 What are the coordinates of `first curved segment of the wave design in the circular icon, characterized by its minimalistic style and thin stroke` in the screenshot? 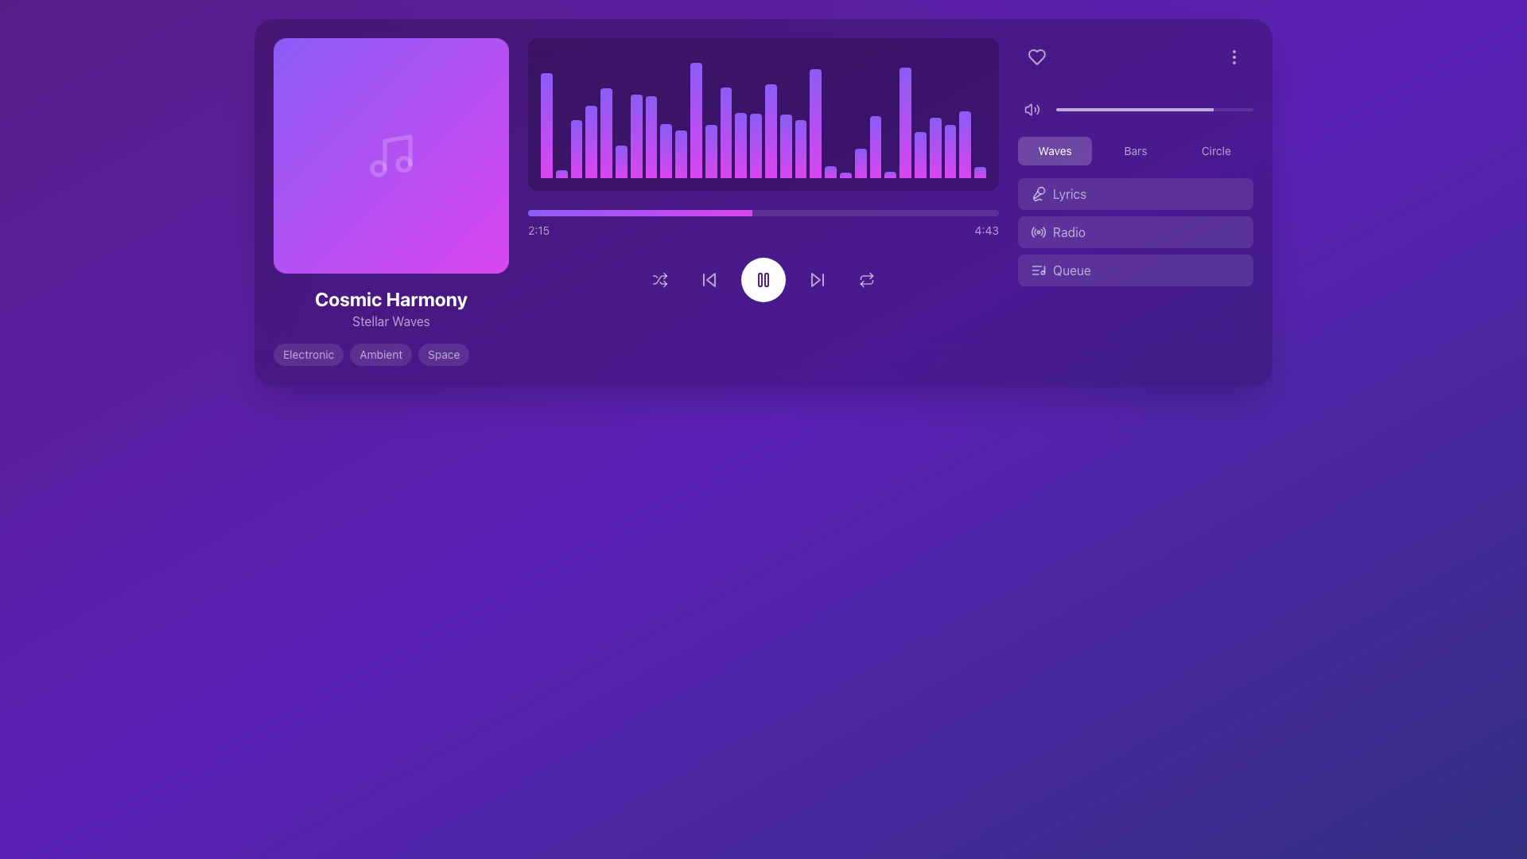 It's located at (1032, 232).